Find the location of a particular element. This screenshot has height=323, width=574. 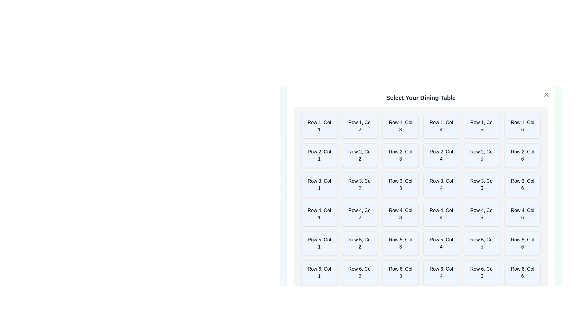

the close button to dismiss the dialog is located at coordinates (546, 94).